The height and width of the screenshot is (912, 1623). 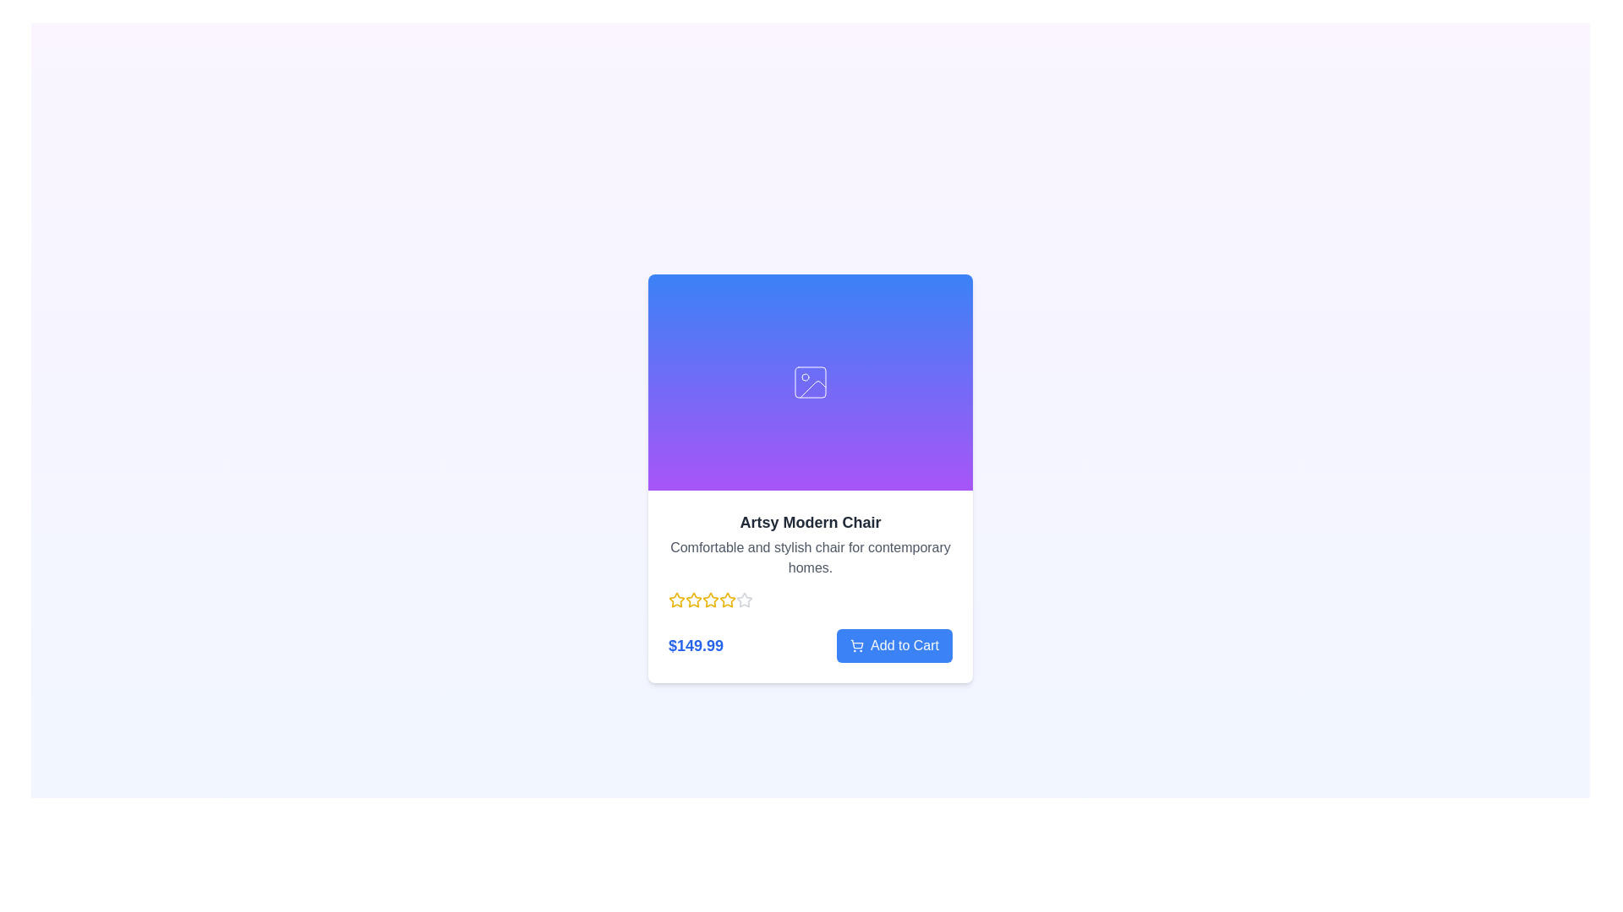 I want to click on the fourth star-shaped rating icon with a yellow outline to update the selection in the product information card, so click(x=710, y=599).